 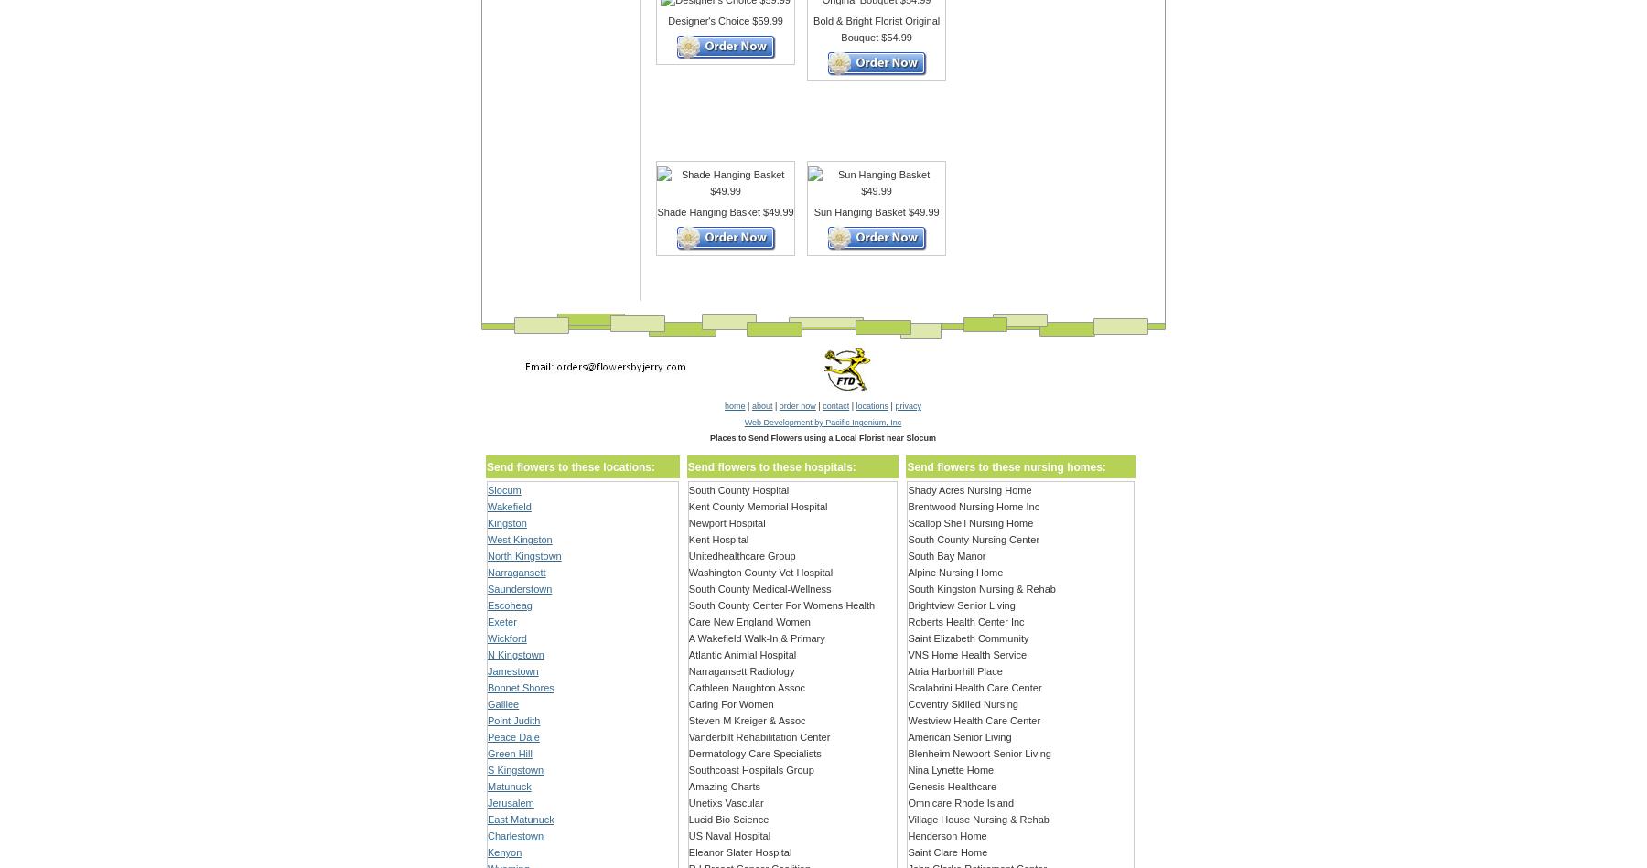 What do you see at coordinates (725, 20) in the screenshot?
I see `'Designer's Choice $59.99'` at bounding box center [725, 20].